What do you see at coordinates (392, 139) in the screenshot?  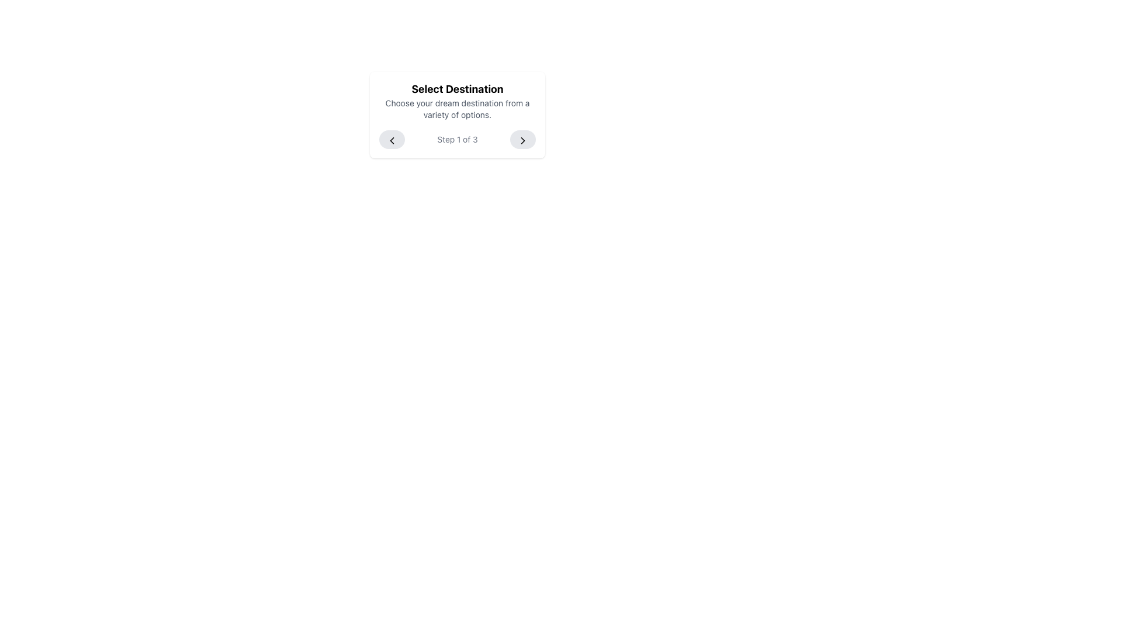 I see `the left-pointing chevron icon within the SVG element of the 'Select Destination' navigation card to utilize its functionality` at bounding box center [392, 139].